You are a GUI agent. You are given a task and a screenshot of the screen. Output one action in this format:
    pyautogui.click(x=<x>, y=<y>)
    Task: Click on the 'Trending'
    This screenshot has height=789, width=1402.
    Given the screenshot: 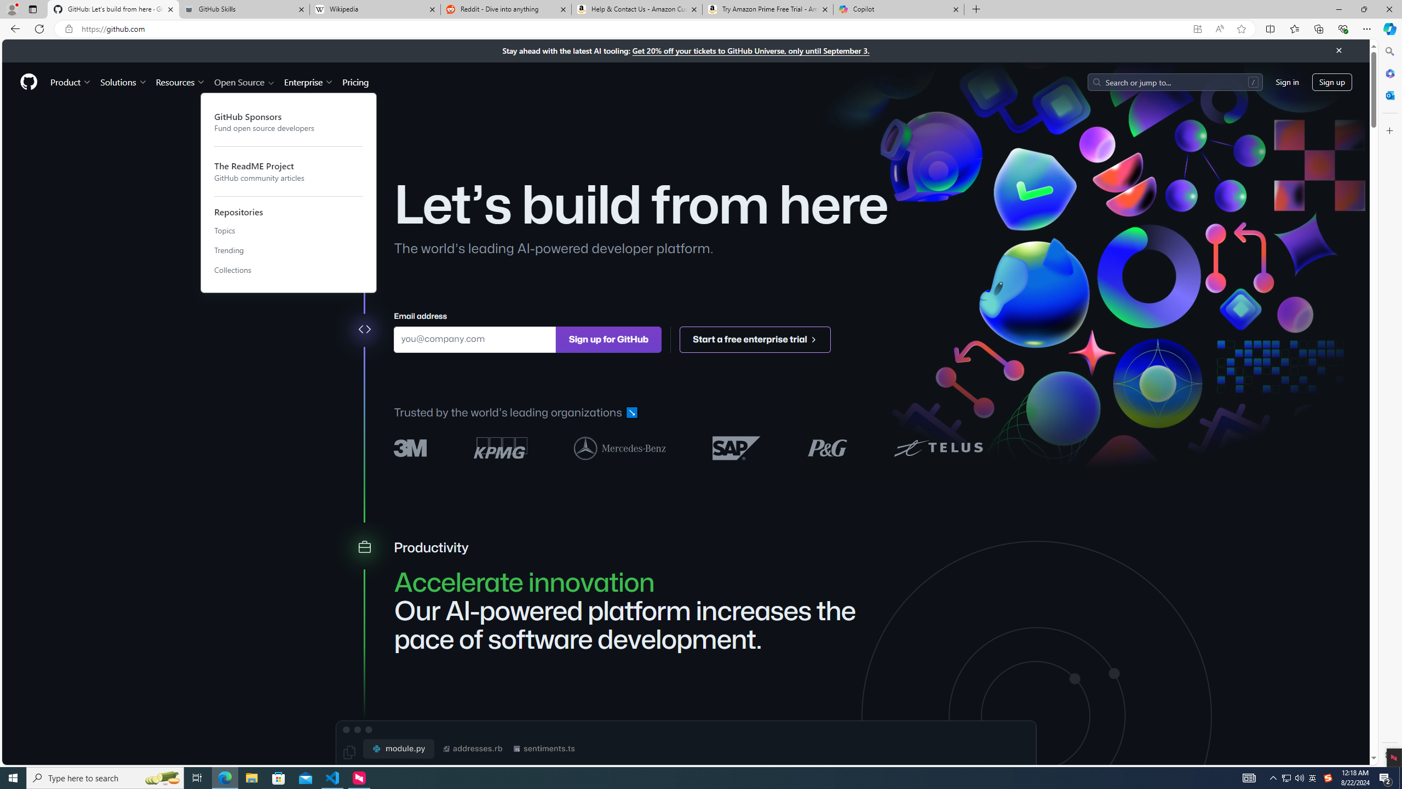 What is the action you would take?
    pyautogui.click(x=288, y=250)
    